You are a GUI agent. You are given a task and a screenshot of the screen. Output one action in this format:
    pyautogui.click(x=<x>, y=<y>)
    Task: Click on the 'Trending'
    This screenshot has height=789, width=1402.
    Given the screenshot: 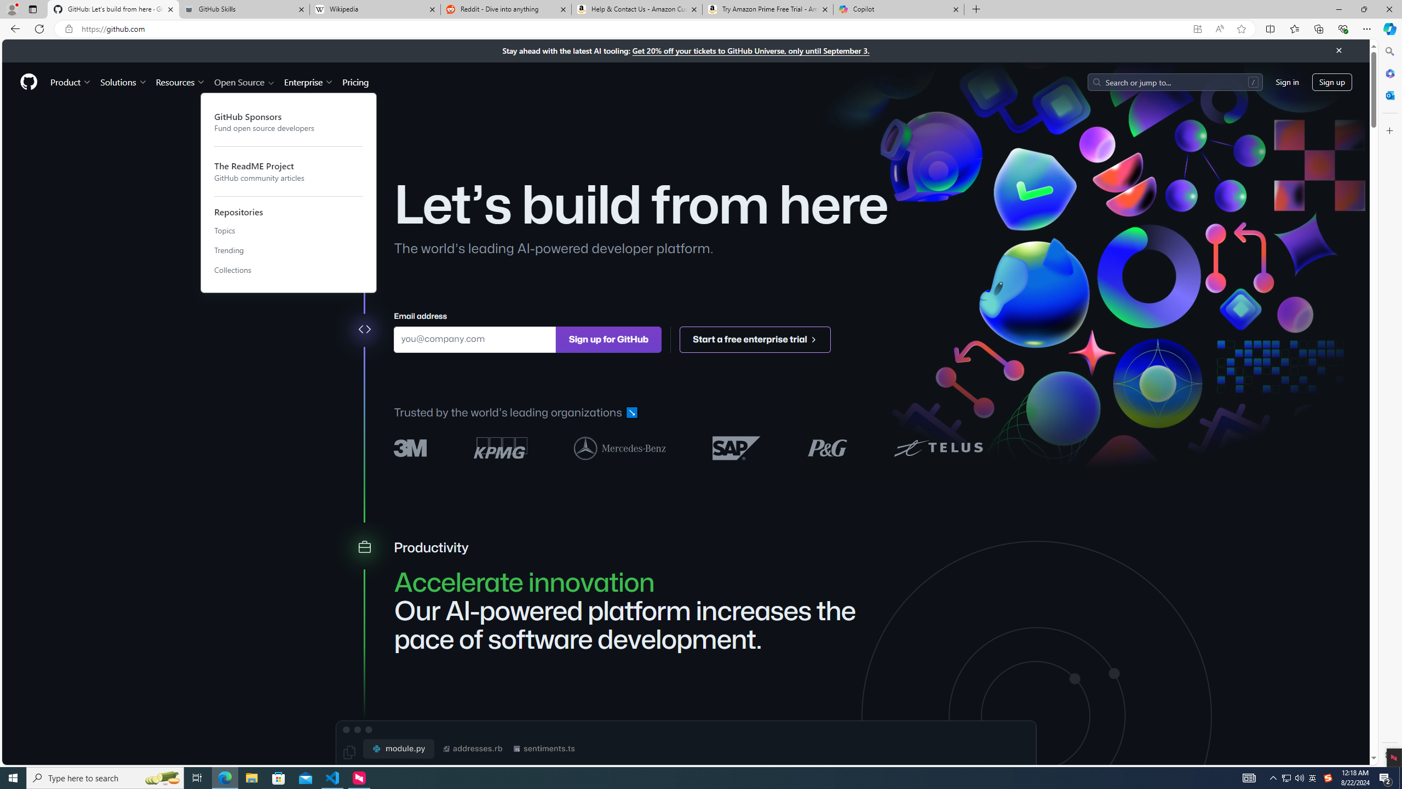 What is the action you would take?
    pyautogui.click(x=288, y=250)
    